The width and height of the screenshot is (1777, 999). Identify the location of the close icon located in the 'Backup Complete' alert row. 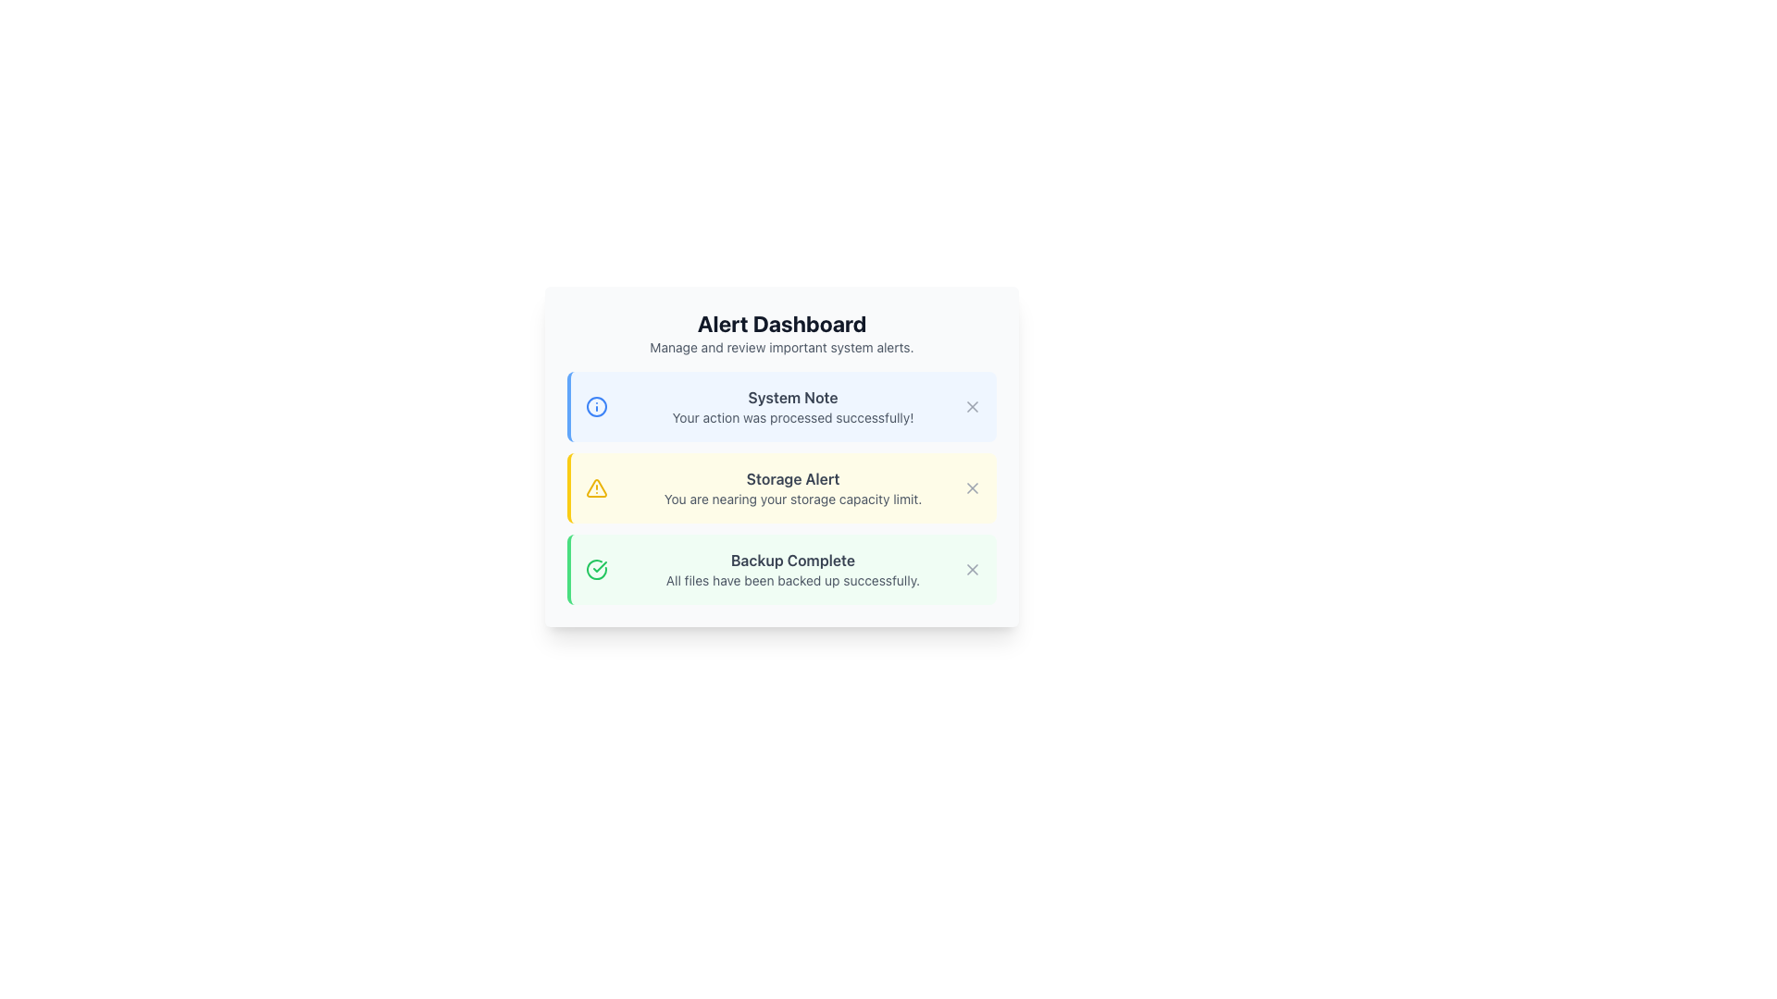
(972, 569).